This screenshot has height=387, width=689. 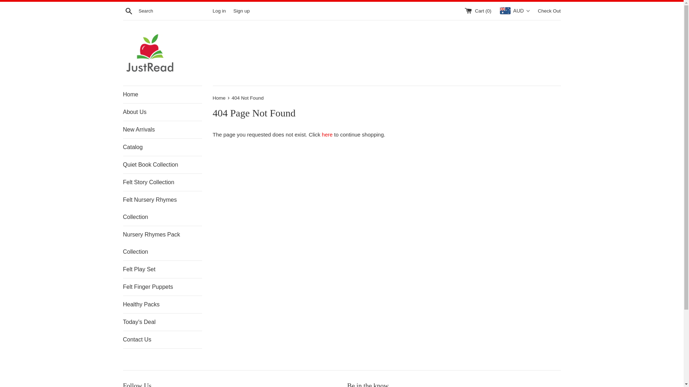 I want to click on 'Log in', so click(x=219, y=10).